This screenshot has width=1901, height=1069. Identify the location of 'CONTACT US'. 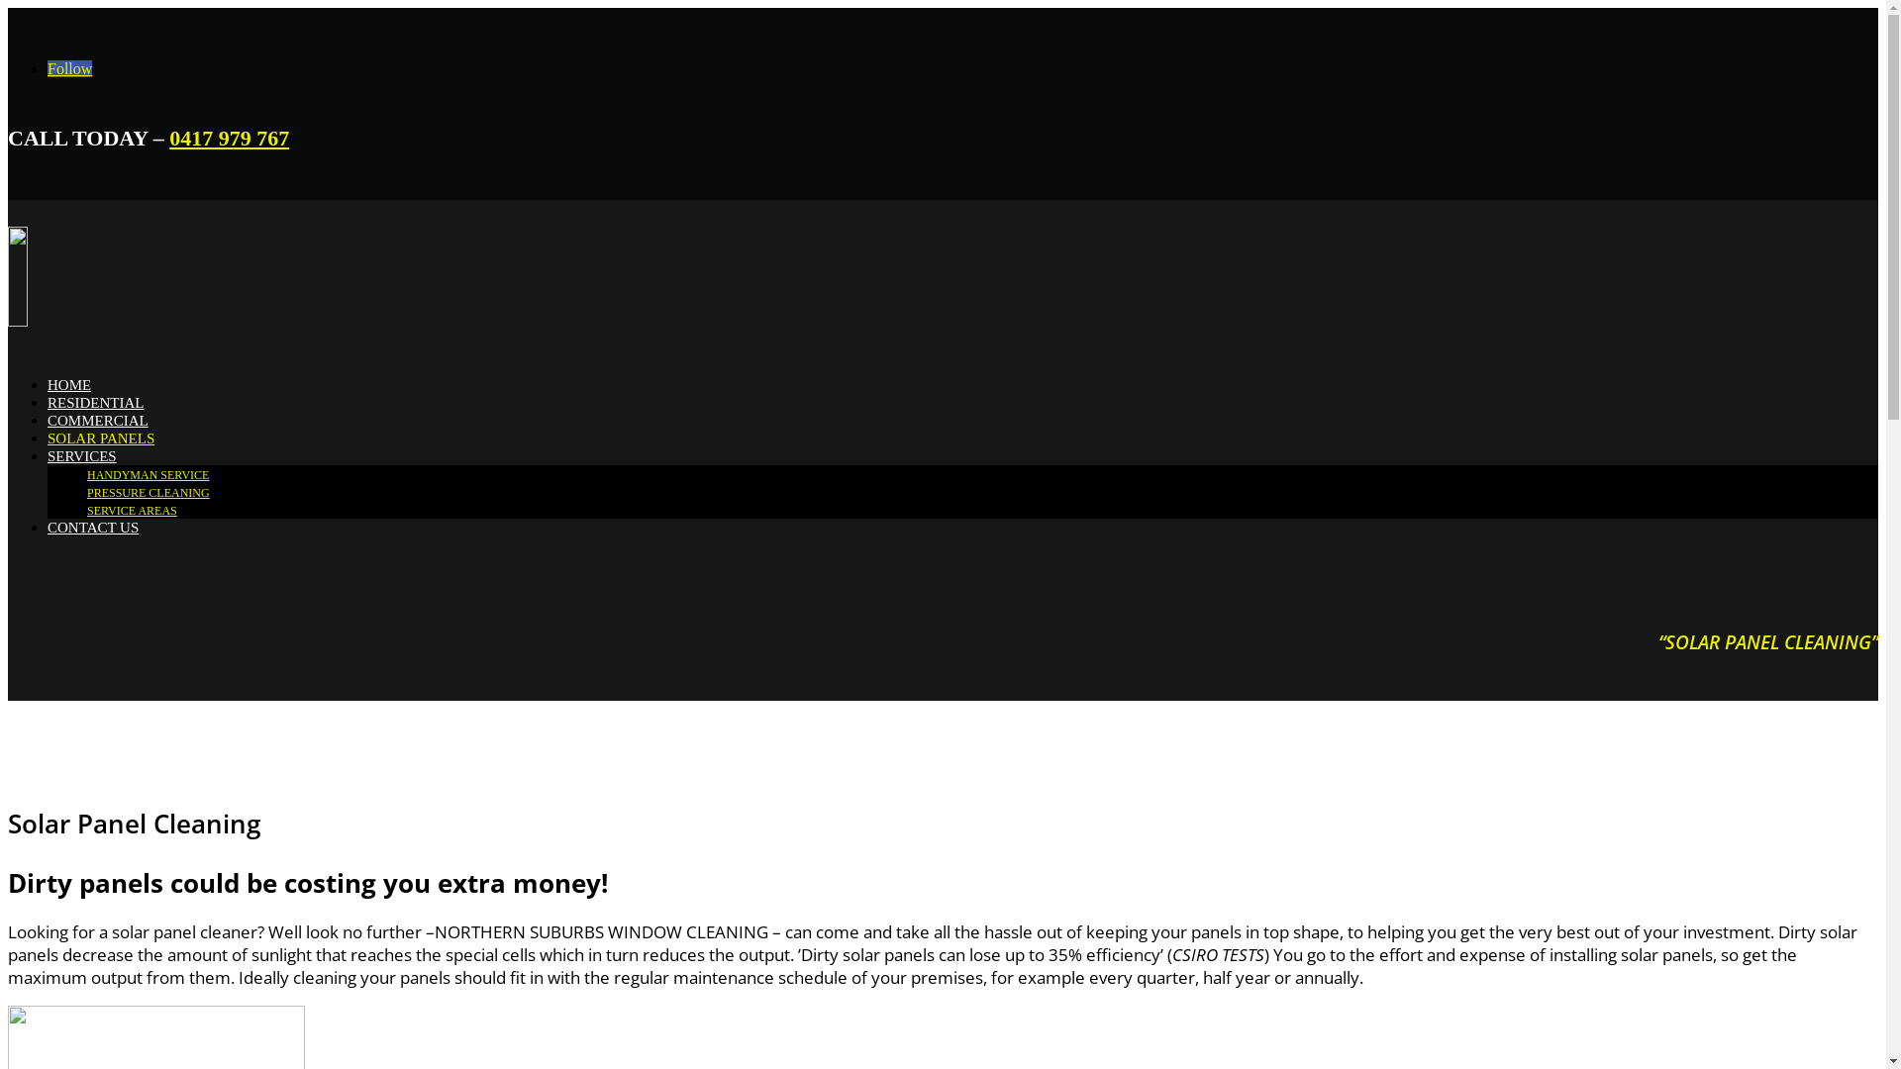
(92, 526).